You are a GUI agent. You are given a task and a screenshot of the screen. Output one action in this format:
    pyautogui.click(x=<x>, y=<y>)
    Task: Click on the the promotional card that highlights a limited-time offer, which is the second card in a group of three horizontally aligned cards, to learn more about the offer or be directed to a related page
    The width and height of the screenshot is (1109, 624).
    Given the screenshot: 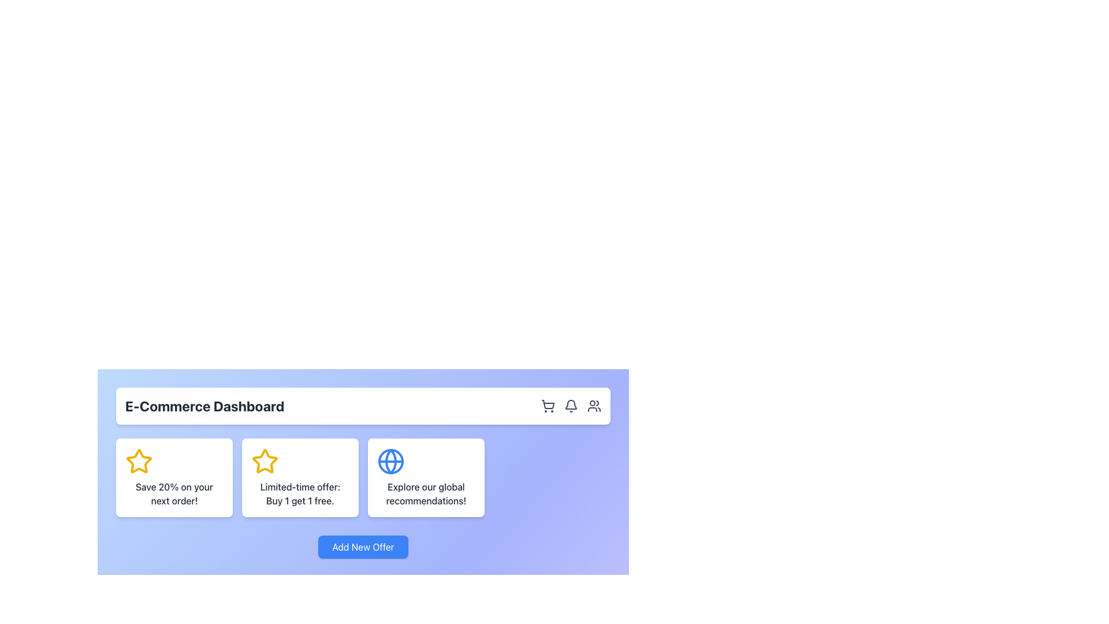 What is the action you would take?
    pyautogui.click(x=300, y=477)
    